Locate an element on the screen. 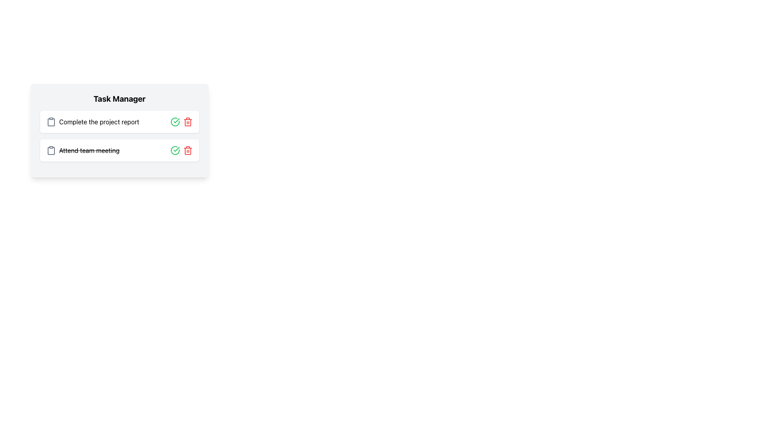 The image size is (763, 429). task description from the first task item in the 'Task Manager' section, located directly below the 'Task Manager' title is located at coordinates (119, 122).